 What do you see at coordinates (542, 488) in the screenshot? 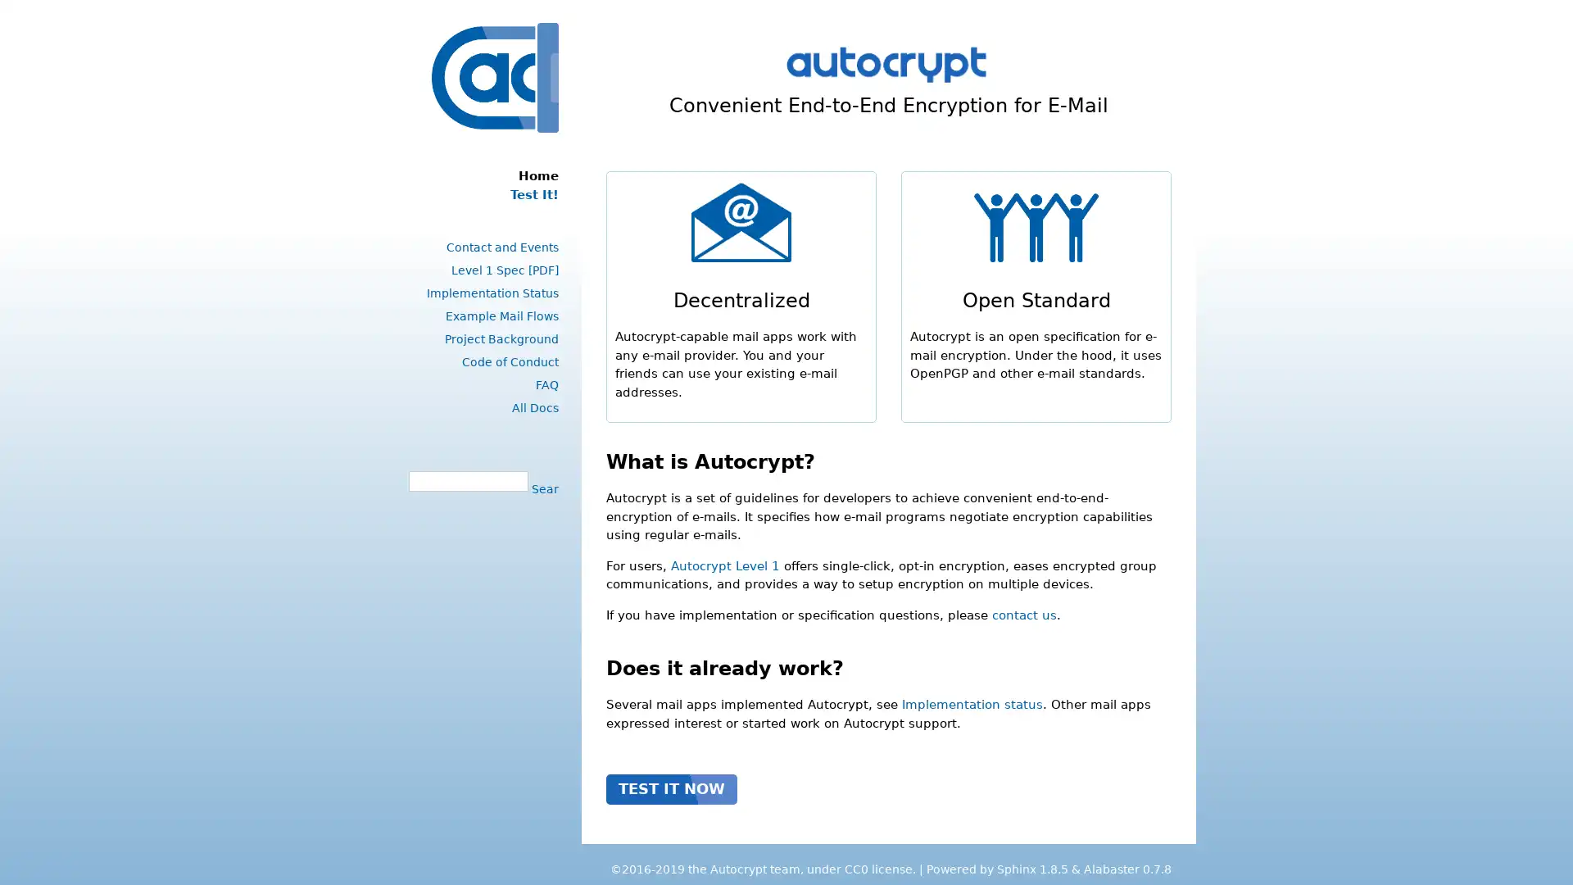
I see `Search` at bounding box center [542, 488].